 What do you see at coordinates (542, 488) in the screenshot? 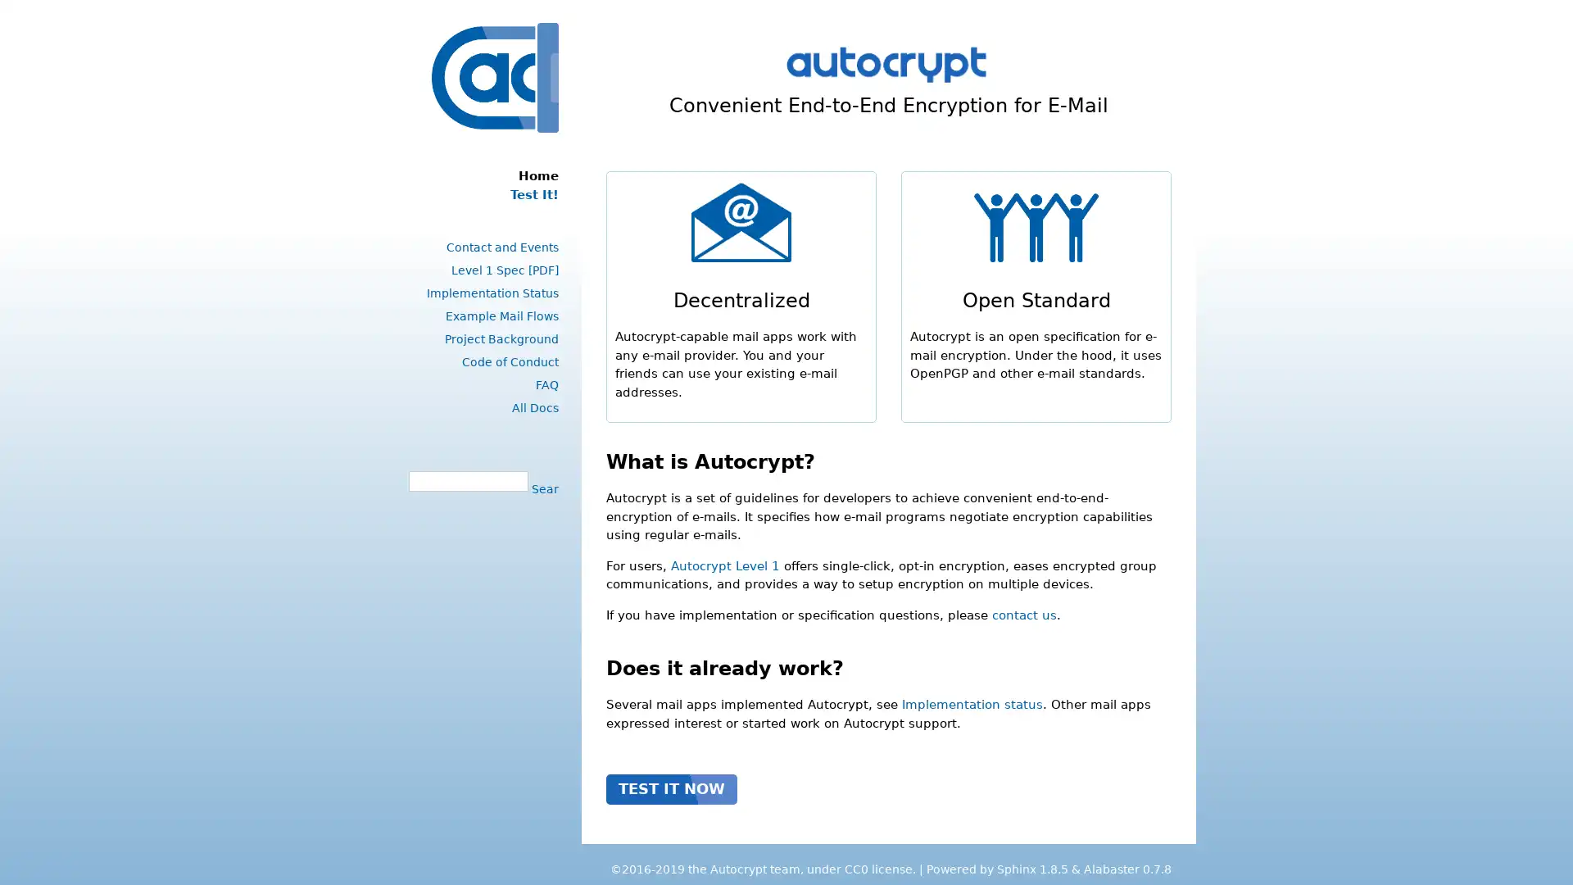
I see `Search` at bounding box center [542, 488].